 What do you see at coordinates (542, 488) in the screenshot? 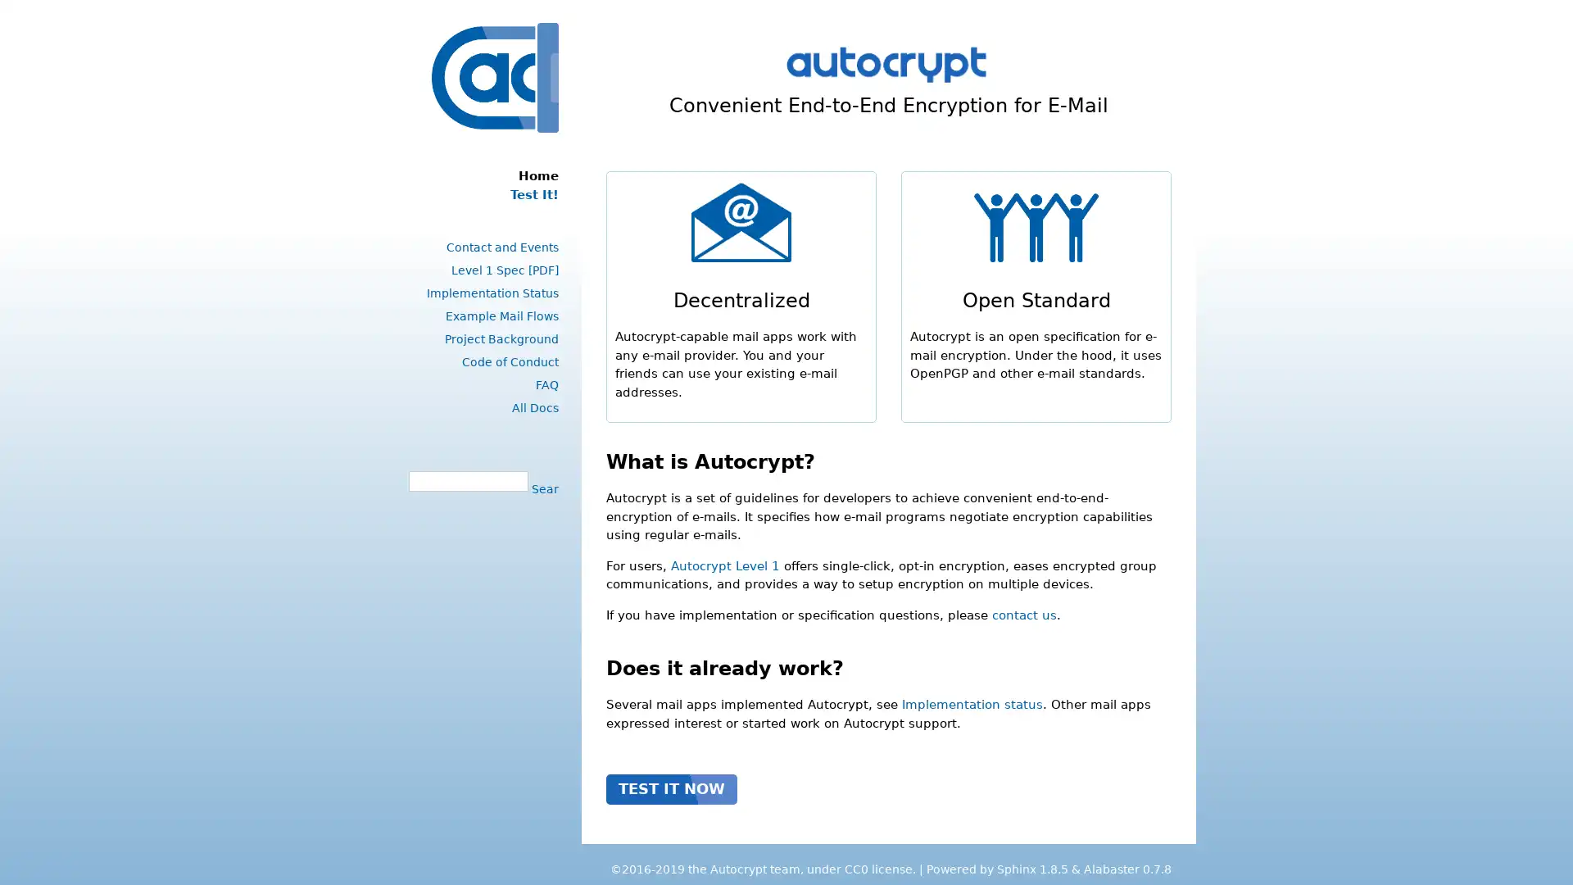
I see `Search` at bounding box center [542, 488].